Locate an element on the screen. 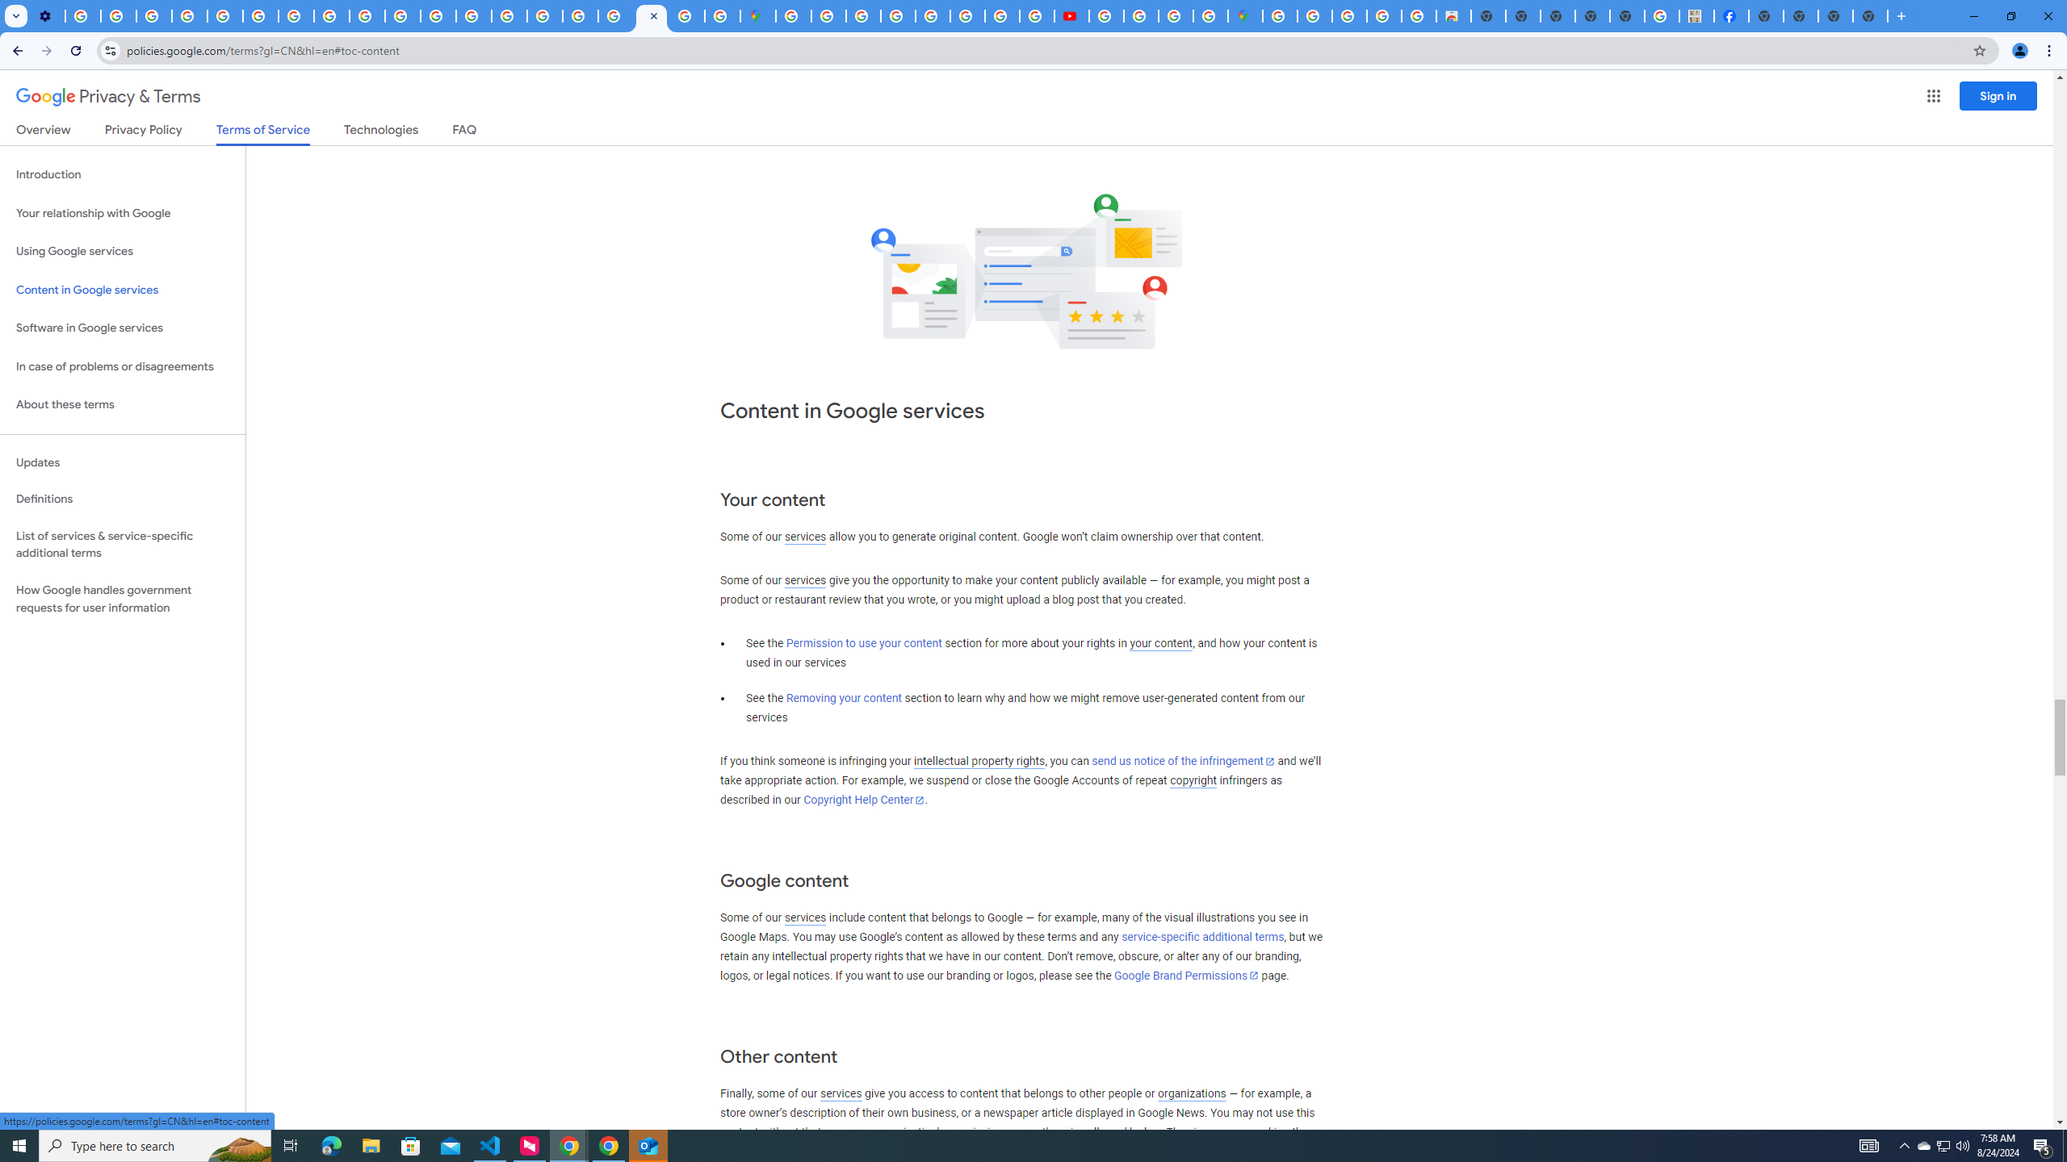  'New Tab' is located at coordinates (1765, 15).